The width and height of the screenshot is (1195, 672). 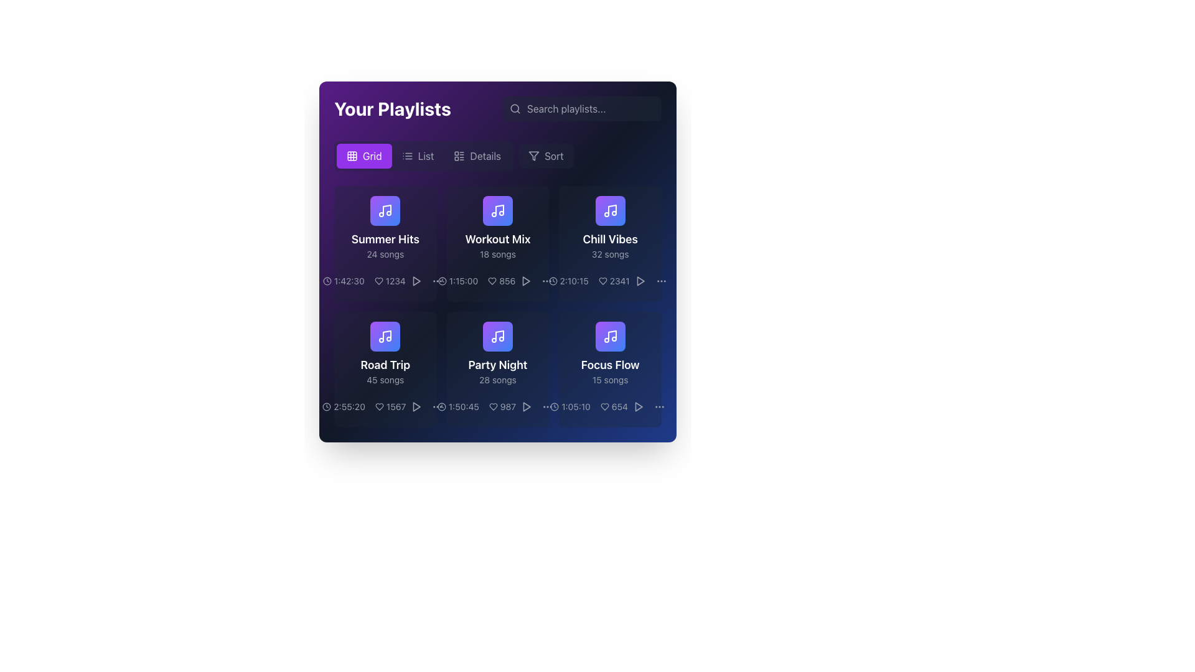 I want to click on the search bar by clicking the magnifying glass icon located to the left of the 'Search playlists...' input field, so click(x=515, y=108).